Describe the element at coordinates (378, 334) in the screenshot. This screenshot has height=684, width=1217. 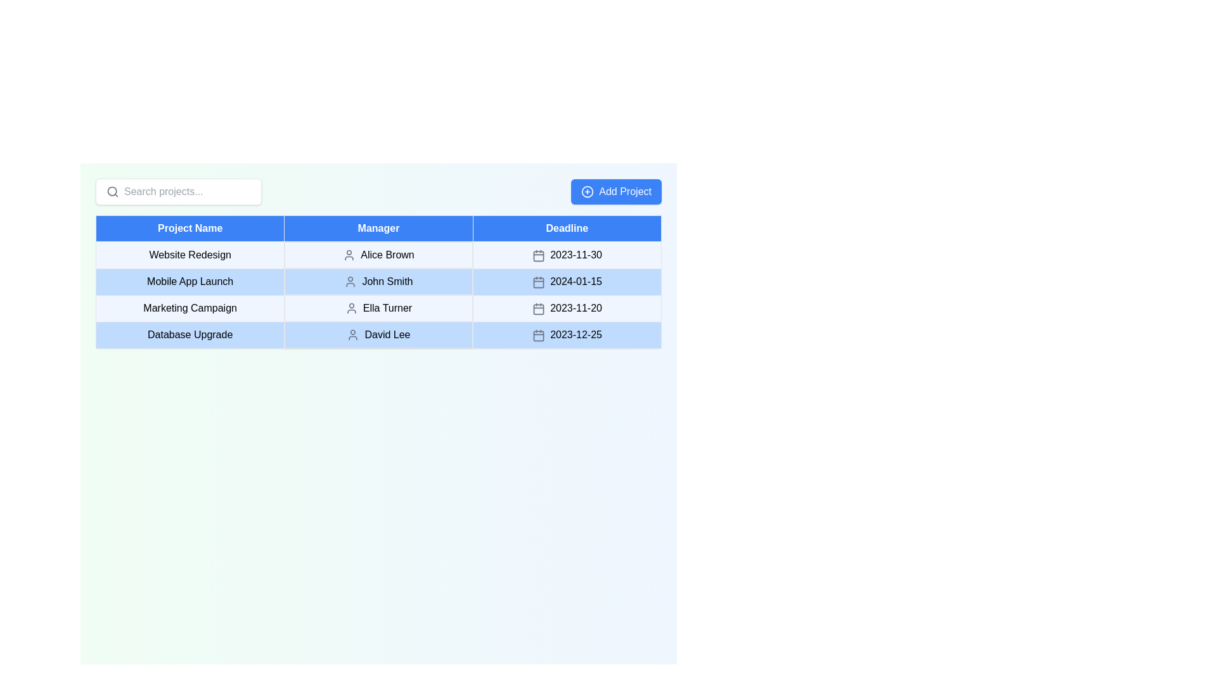
I see `the 'David Lee' Text with Icon element located in the second column of the table under 'Manager'` at that location.